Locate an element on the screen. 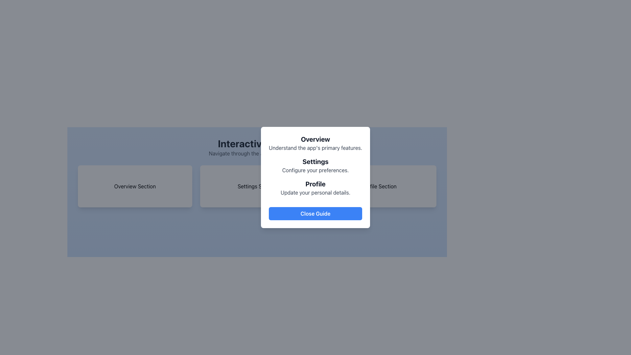  the introductory header text block that provides a title and a brief description for the user, located above the sections labeled 'Overview Section', 'Settings Section', and 'Profile Section' is located at coordinates (257, 147).